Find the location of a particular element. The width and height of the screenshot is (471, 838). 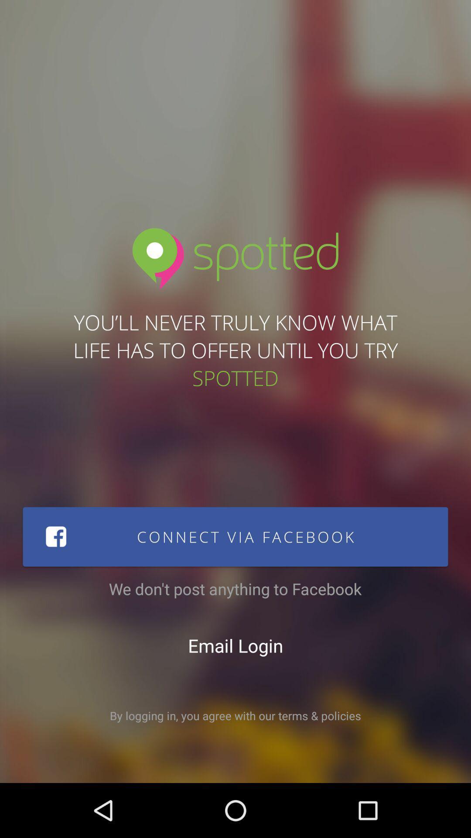

icon below the you ll never item is located at coordinates (235, 536).